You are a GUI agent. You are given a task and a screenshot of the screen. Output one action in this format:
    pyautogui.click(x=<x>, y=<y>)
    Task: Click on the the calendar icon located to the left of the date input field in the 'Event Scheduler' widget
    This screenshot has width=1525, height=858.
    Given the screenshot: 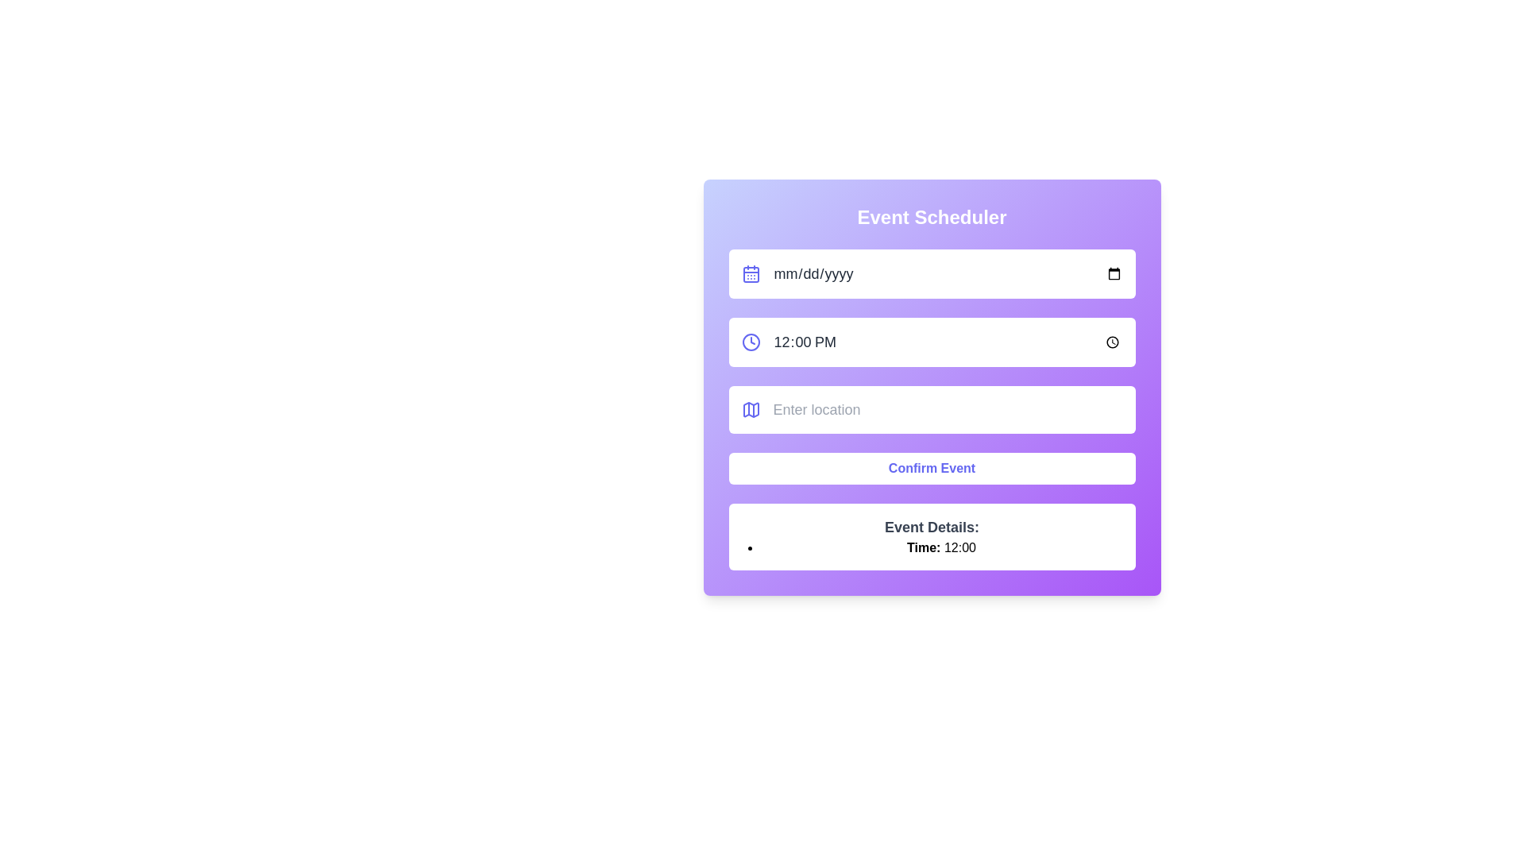 What is the action you would take?
    pyautogui.click(x=750, y=272)
    